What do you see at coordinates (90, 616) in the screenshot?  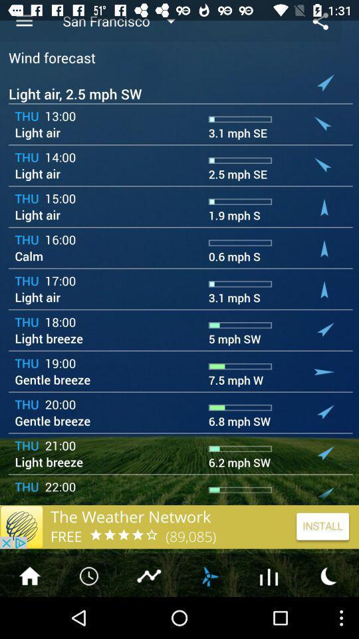 I see `the time icon` at bounding box center [90, 616].